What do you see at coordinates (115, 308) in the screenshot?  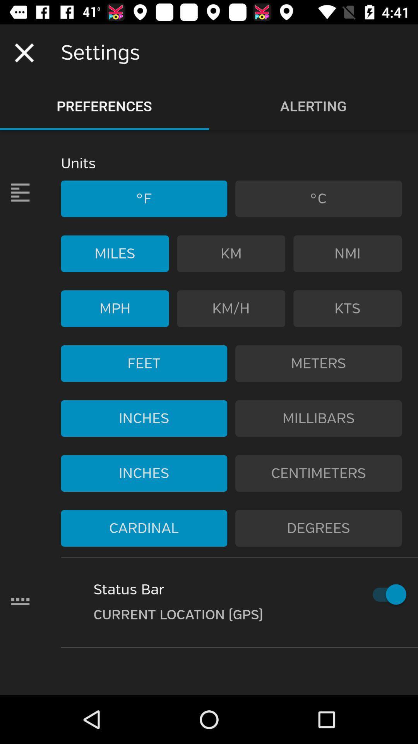 I see `icon below miles` at bounding box center [115, 308].